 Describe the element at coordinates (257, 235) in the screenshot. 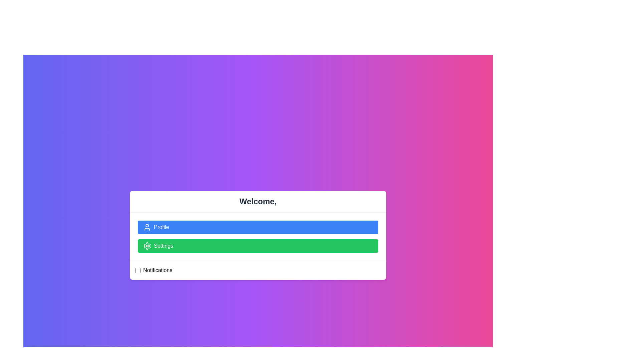

I see `the central user interface panel that welcomes users and provides access to profile options, settings, and notifications to focus on it` at that location.